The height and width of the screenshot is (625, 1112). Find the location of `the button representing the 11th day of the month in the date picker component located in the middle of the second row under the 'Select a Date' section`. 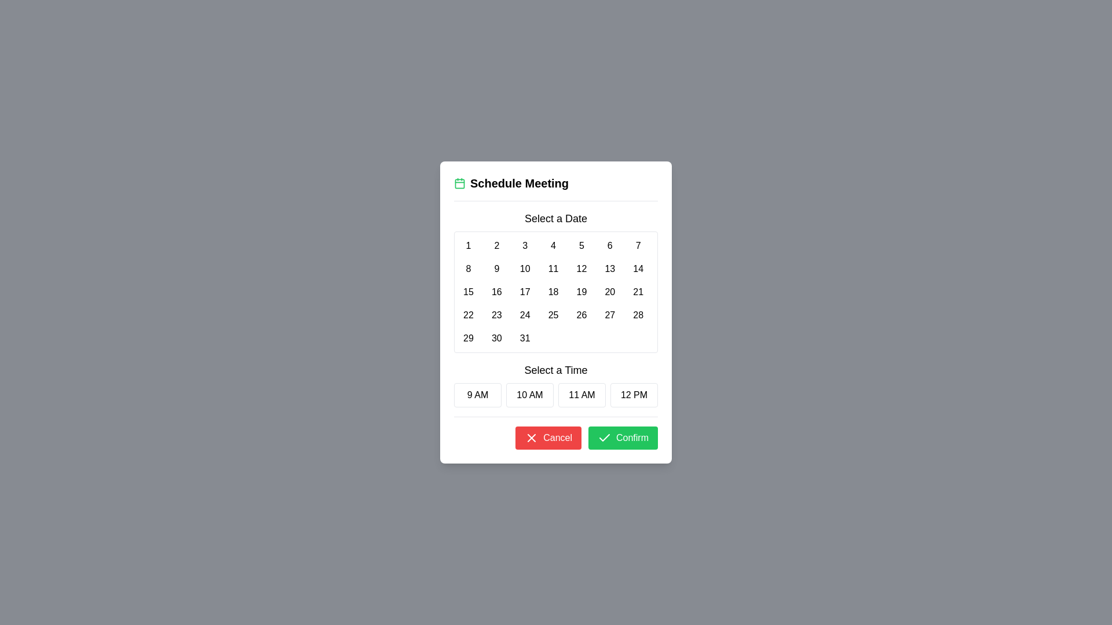

the button representing the 11th day of the month in the date picker component located in the middle of the second row under the 'Select a Date' section is located at coordinates (553, 269).